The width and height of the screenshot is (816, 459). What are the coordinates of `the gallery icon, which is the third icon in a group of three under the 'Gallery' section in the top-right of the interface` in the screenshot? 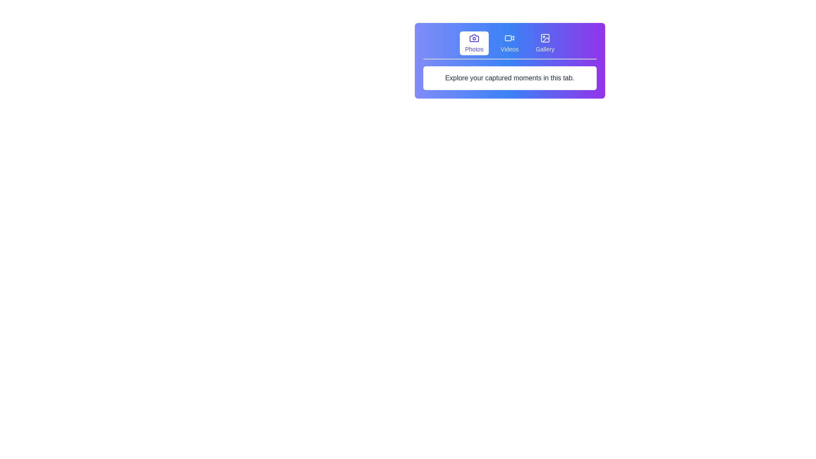 It's located at (545, 37).